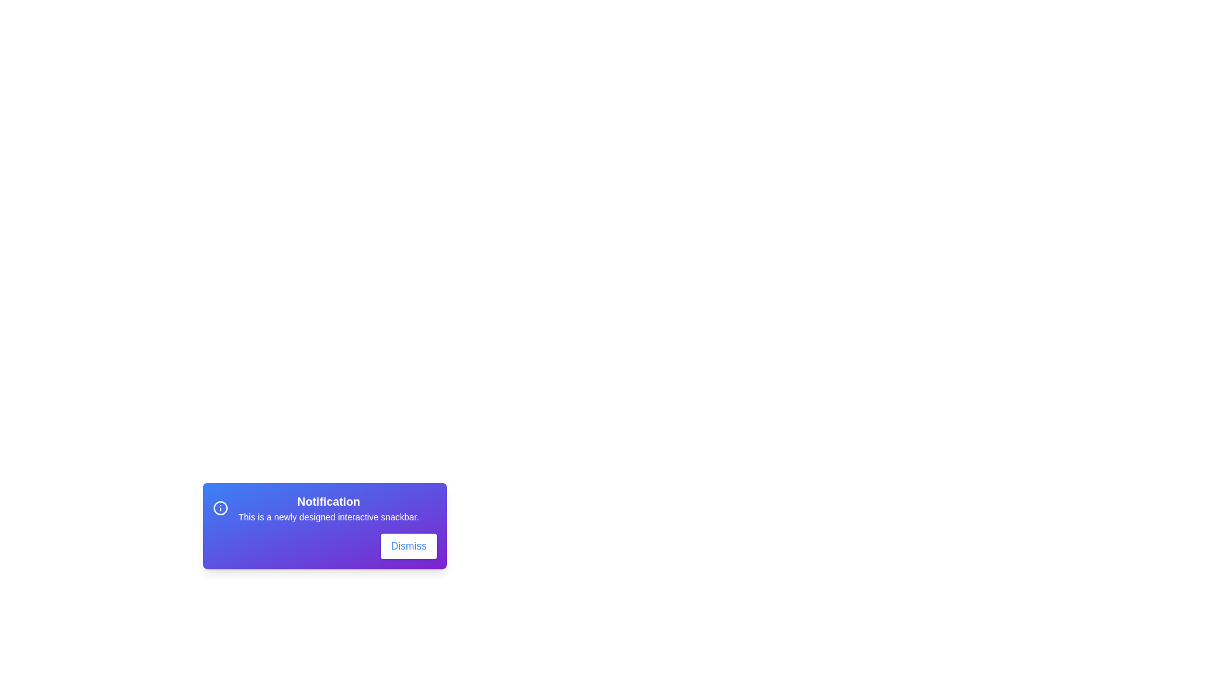  What do you see at coordinates (409, 546) in the screenshot?
I see `the dismiss button located at the bottom-right of the notification card to trigger the hover style` at bounding box center [409, 546].